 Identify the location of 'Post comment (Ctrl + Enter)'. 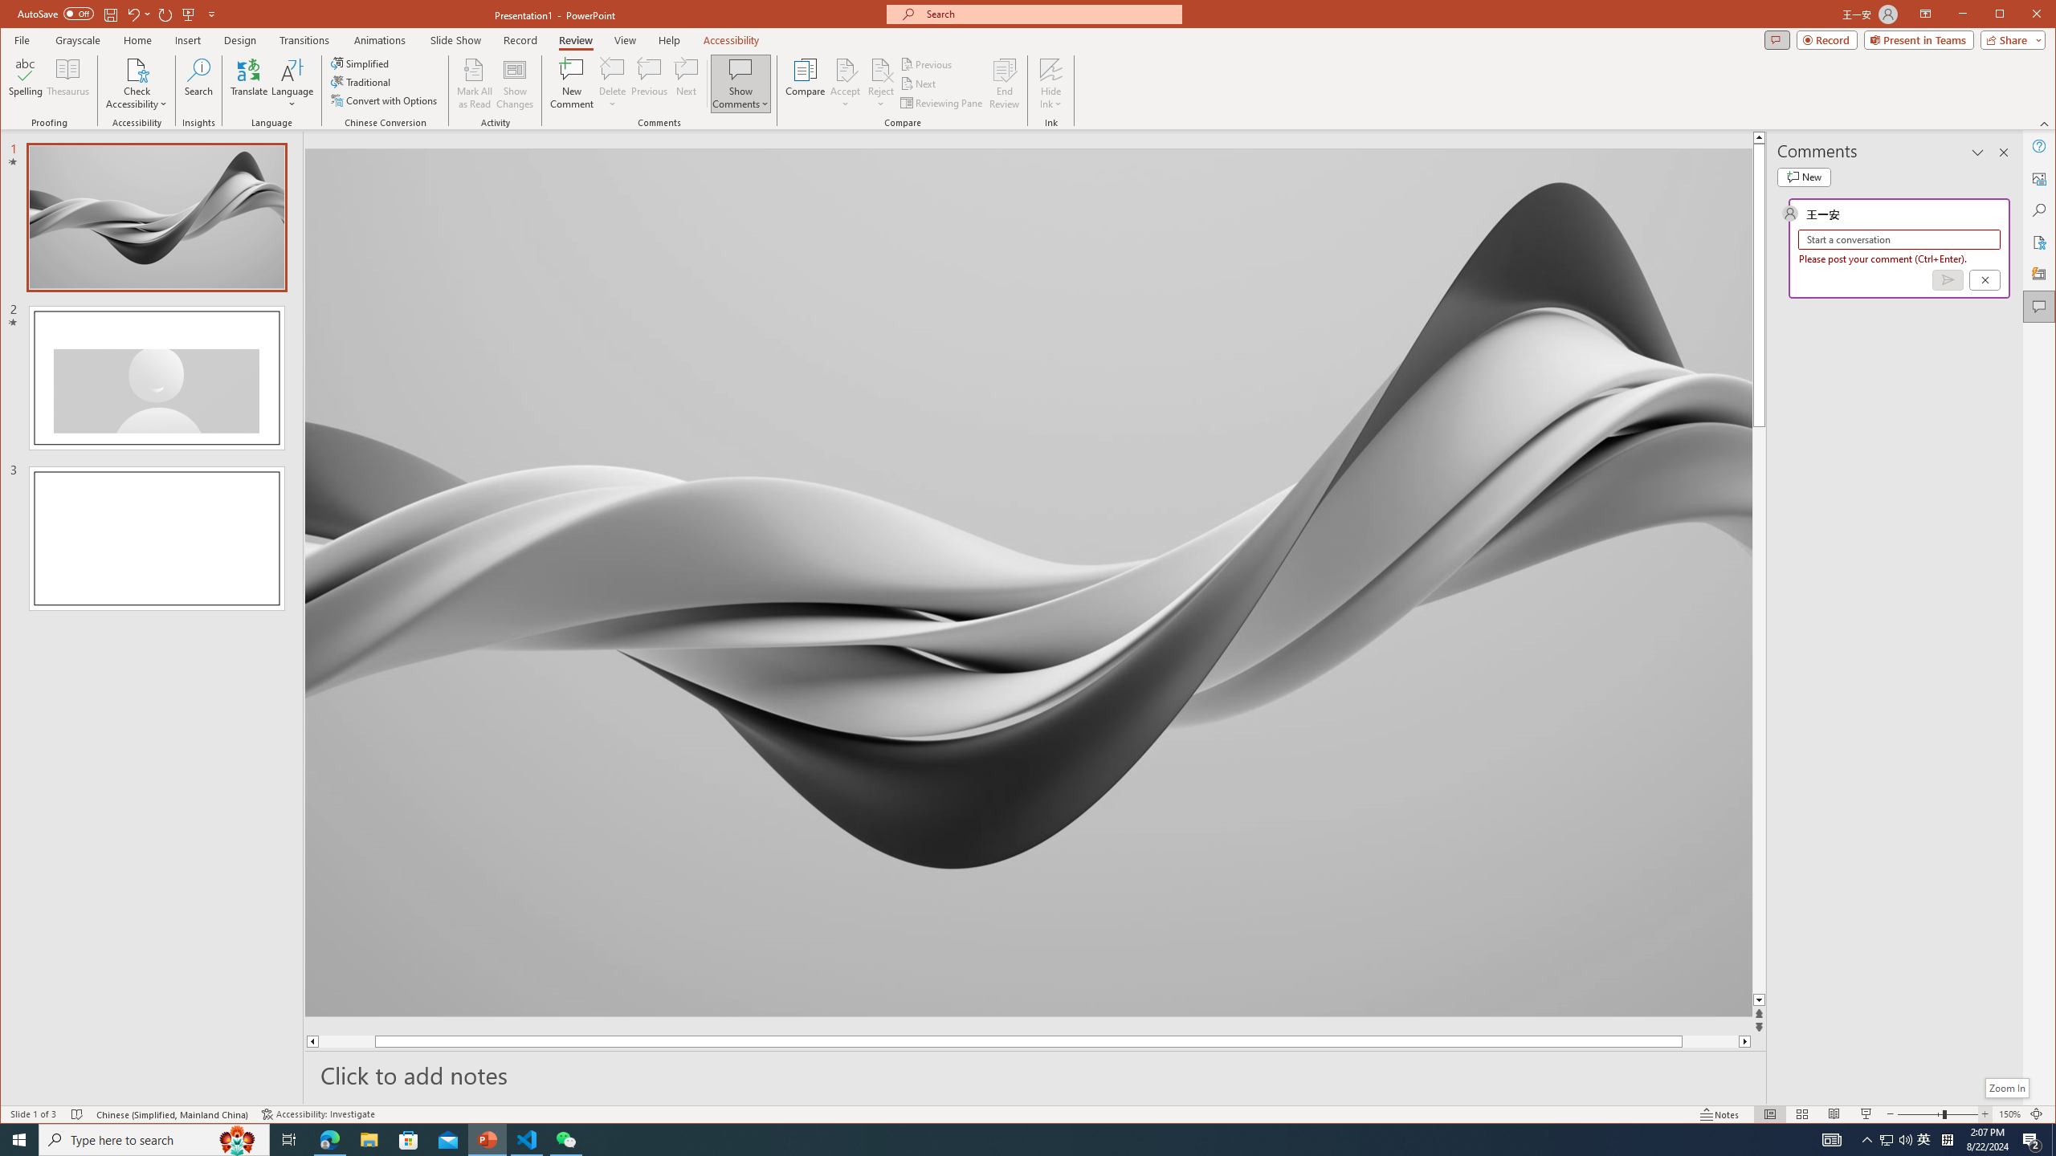
(1948, 279).